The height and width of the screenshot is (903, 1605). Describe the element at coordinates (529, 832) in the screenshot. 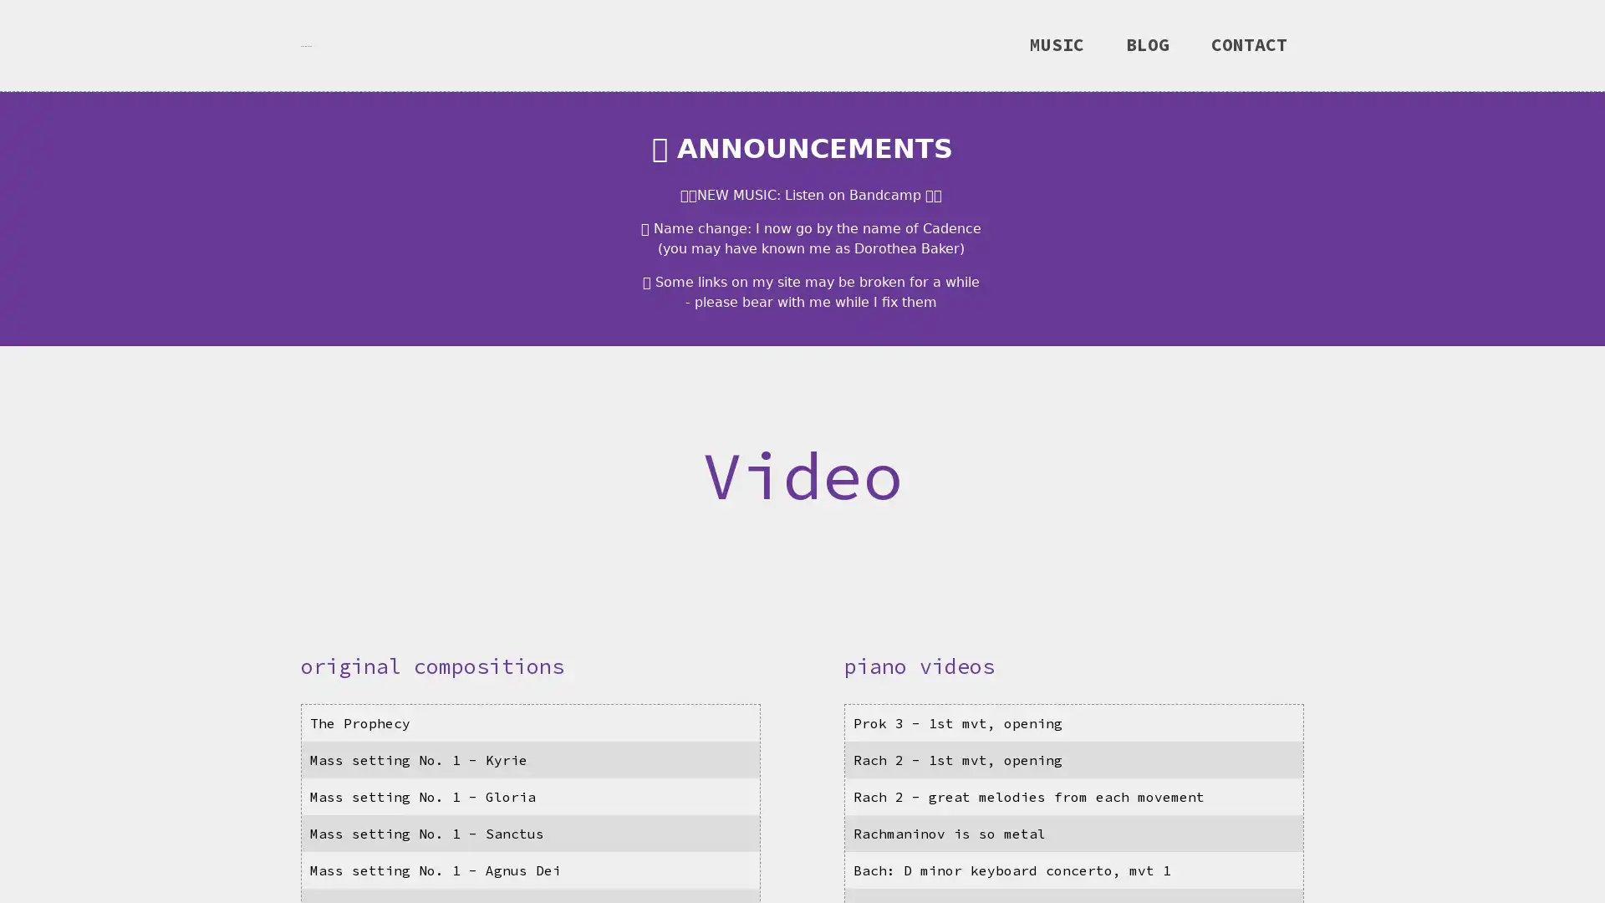

I see `video: Mass setting No. 1 - Sanctus` at that location.